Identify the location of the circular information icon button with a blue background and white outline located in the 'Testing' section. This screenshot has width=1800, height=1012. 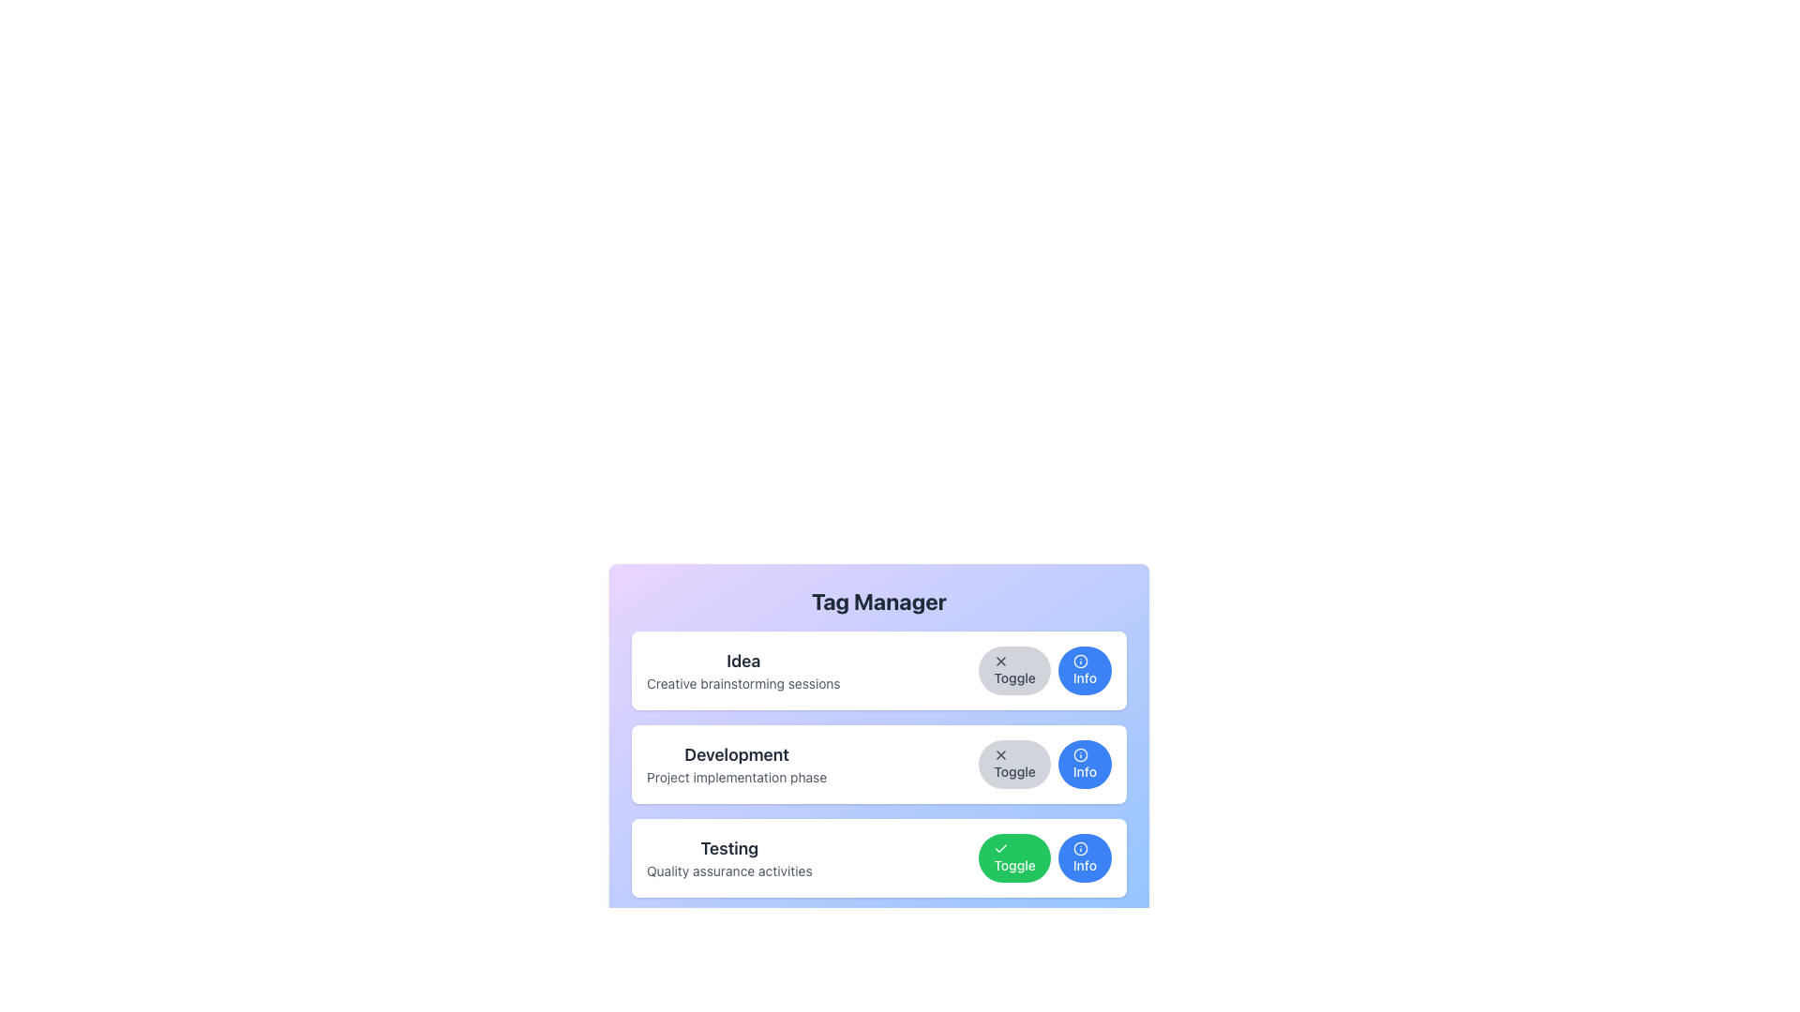
(1080, 849).